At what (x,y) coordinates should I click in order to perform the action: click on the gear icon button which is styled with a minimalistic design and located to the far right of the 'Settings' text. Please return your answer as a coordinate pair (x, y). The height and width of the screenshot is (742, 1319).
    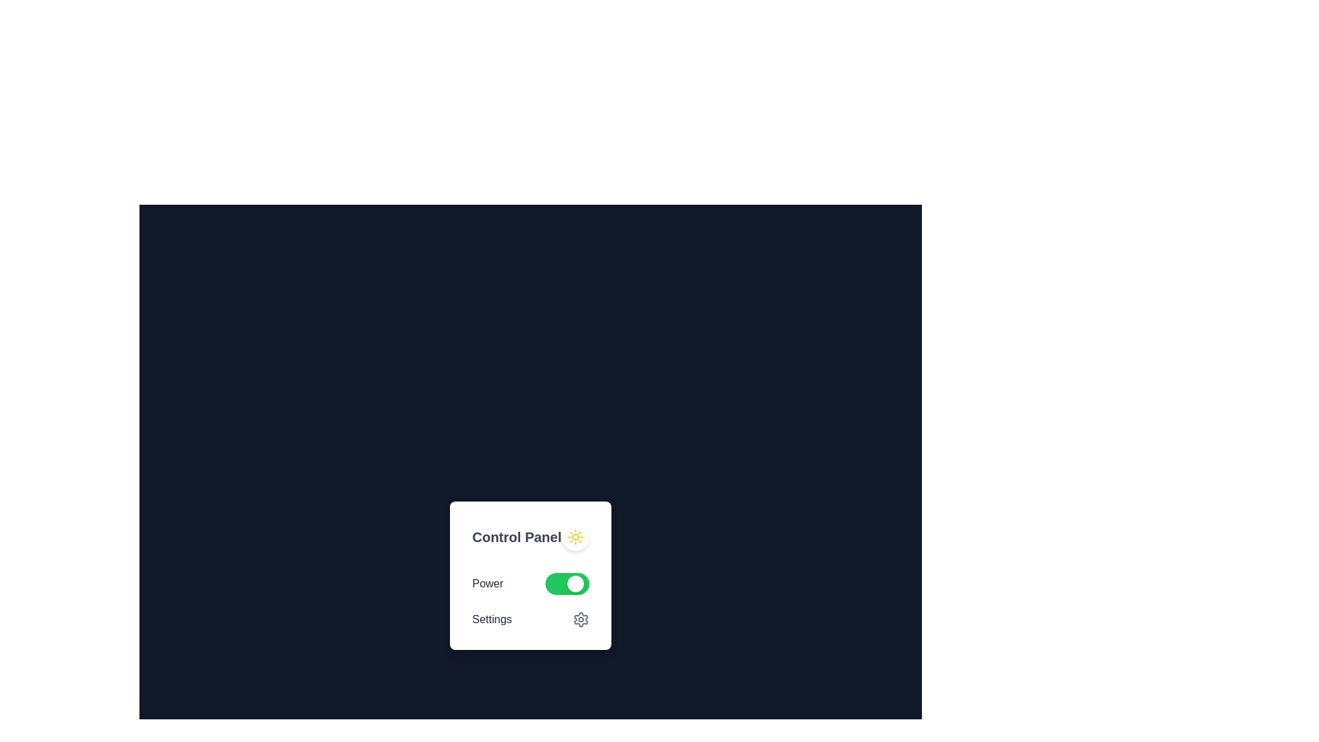
    Looking at the image, I should click on (580, 620).